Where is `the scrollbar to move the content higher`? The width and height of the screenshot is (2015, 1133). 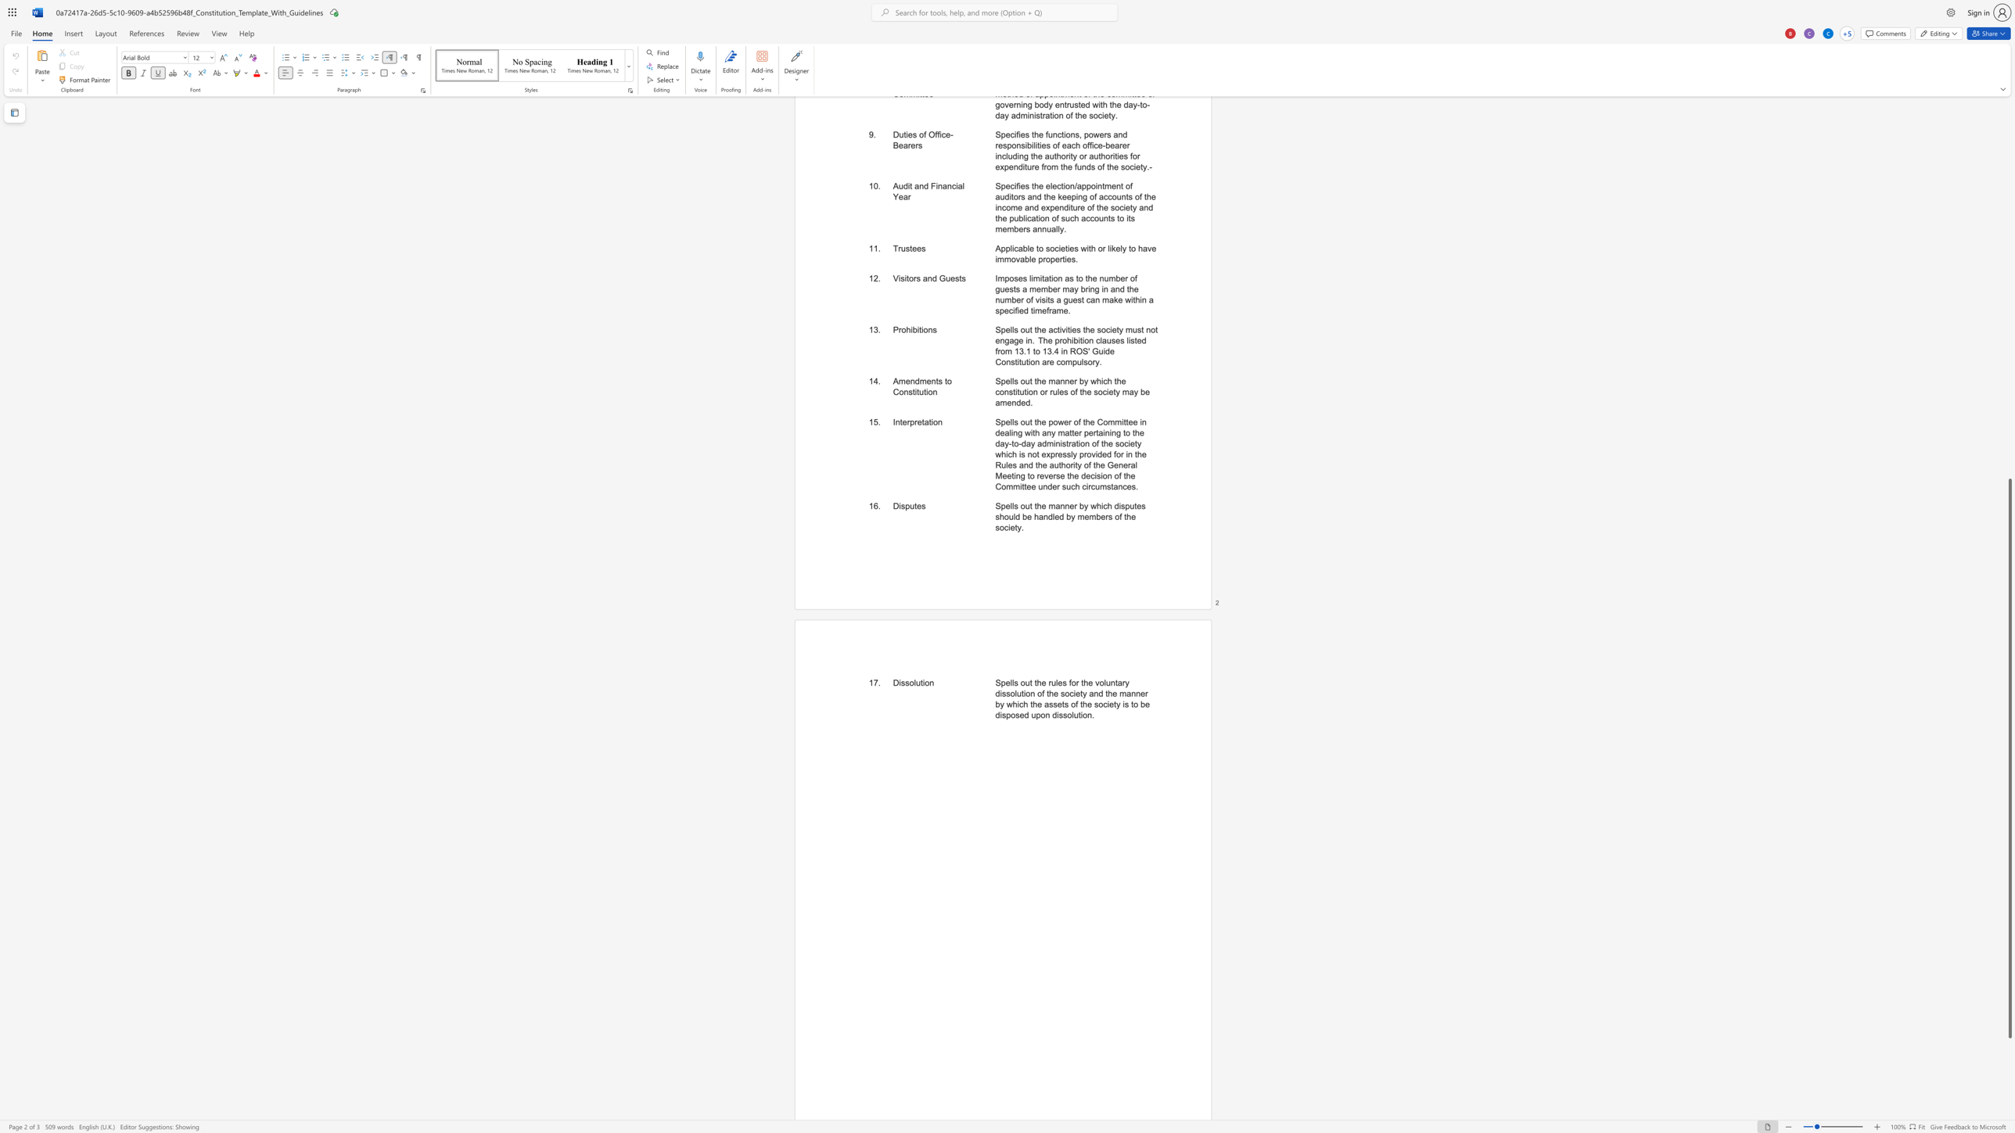
the scrollbar to move the content higher is located at coordinates (2009, 246).